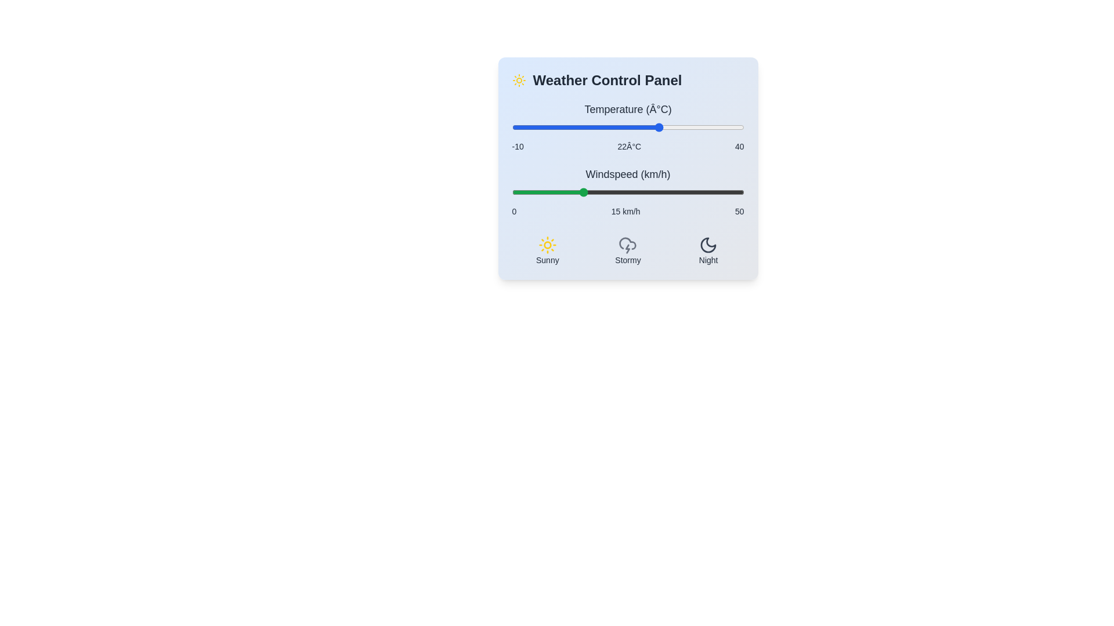 This screenshot has width=1114, height=626. Describe the element at coordinates (547, 259) in the screenshot. I see `the text label that indicates the current weather condition as 'Sunny' located in the 'Weather Control Panel' interface, under the sun icon` at that location.